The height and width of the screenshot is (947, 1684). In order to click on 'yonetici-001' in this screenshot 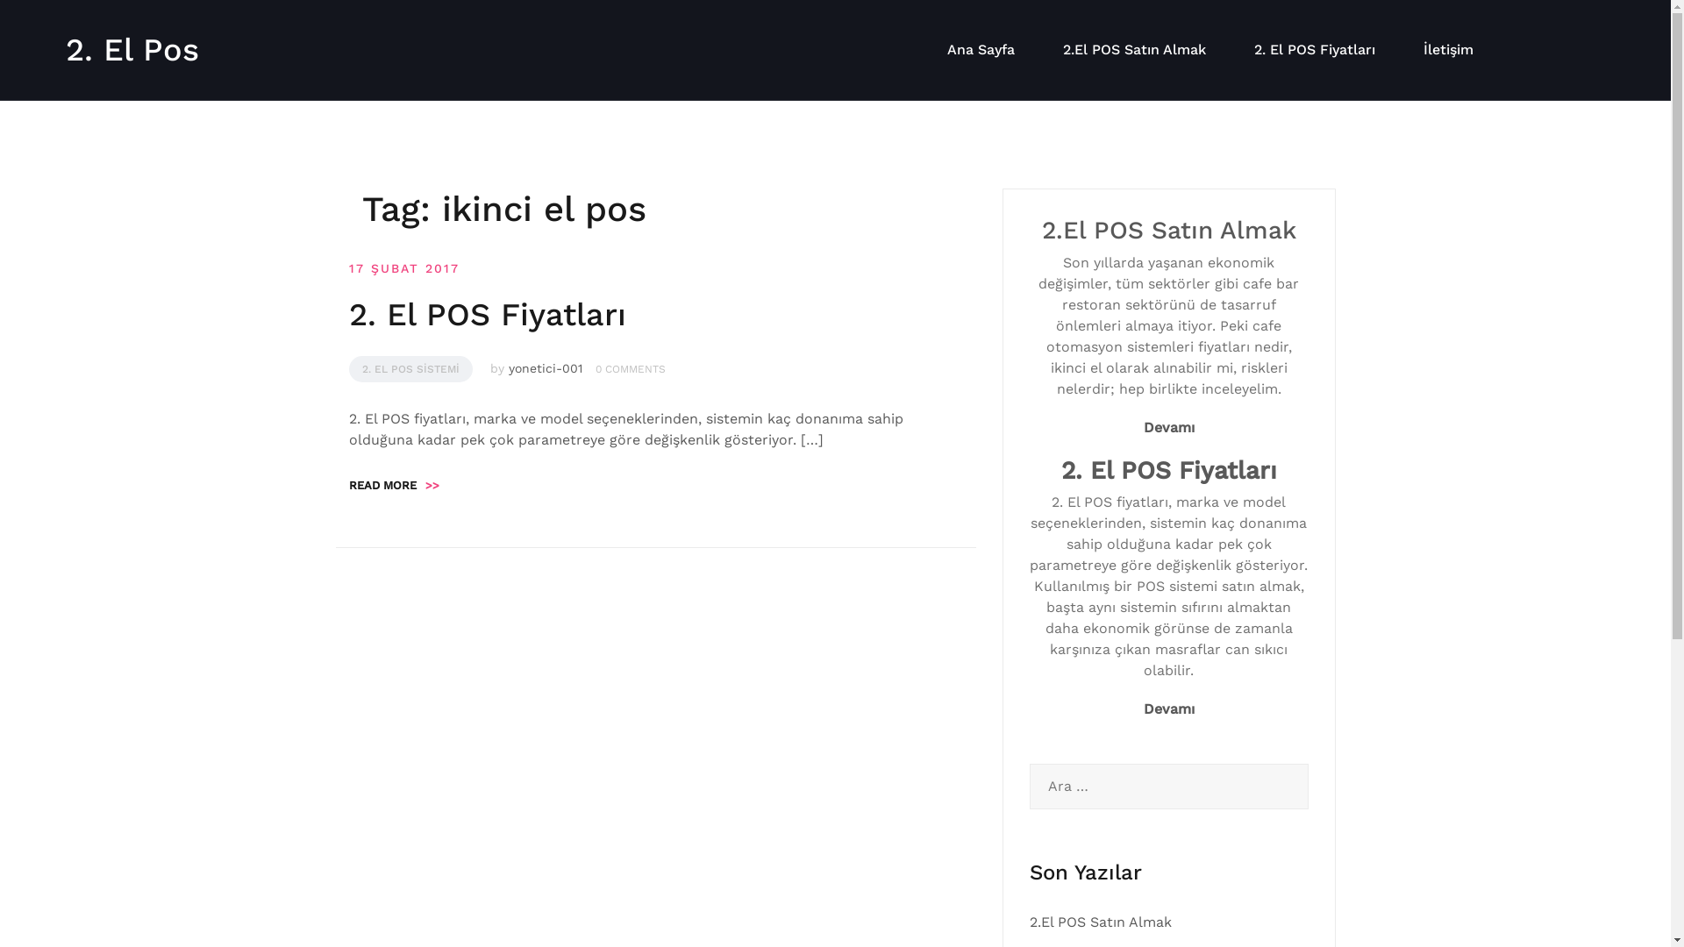, I will do `click(545, 367)`.